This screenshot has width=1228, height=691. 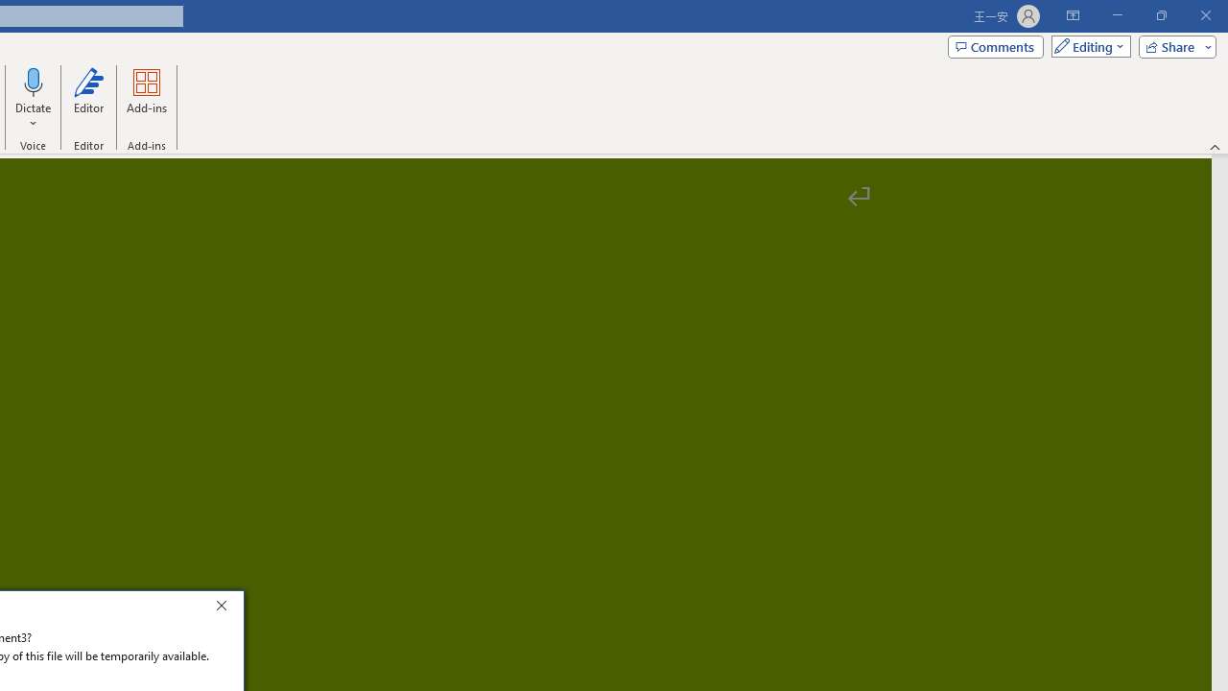 I want to click on 'Editor', so click(x=87, y=99).